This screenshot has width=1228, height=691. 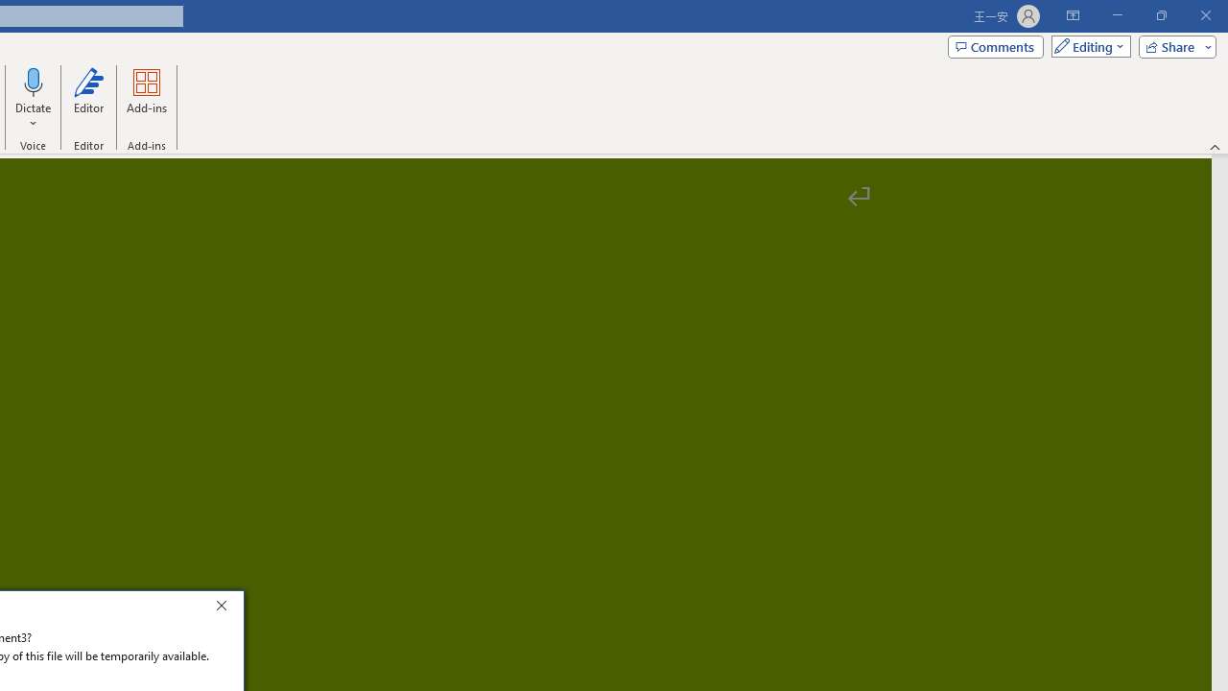 I want to click on 'Editor', so click(x=87, y=99).